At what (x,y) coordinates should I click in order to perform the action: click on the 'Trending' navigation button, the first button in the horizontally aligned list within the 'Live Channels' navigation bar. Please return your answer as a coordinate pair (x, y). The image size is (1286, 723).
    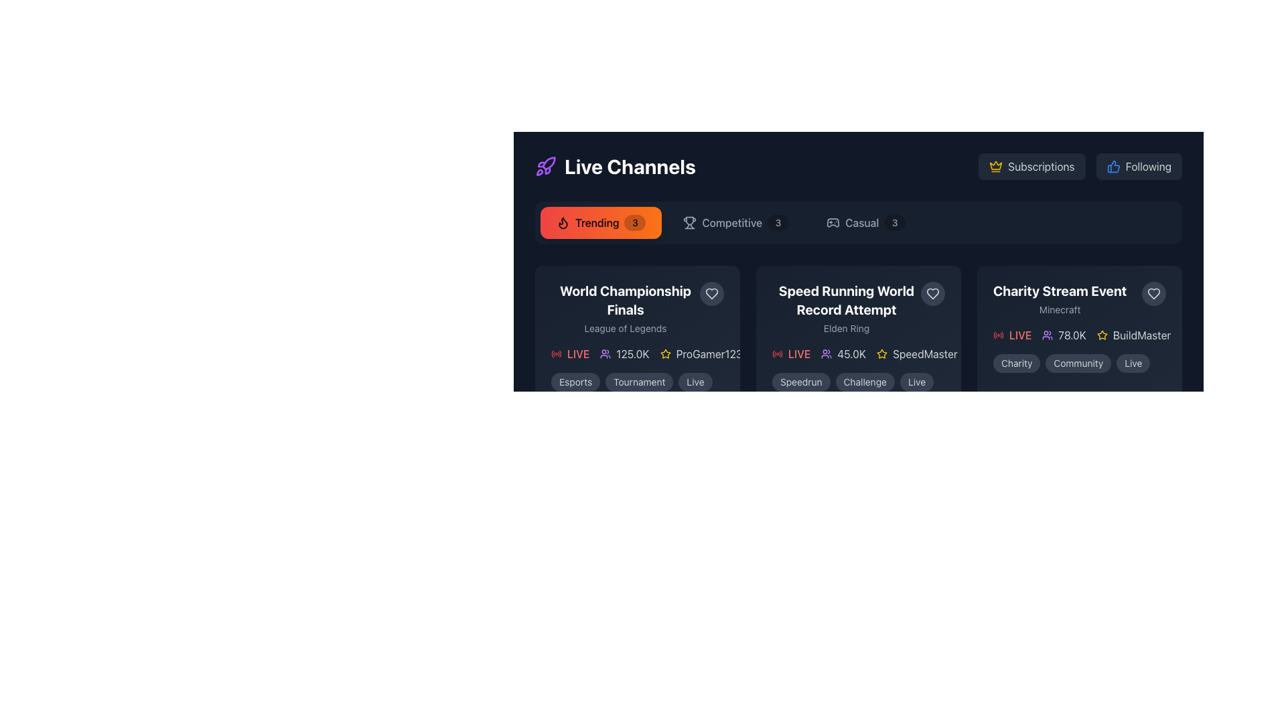
    Looking at the image, I should click on (600, 222).